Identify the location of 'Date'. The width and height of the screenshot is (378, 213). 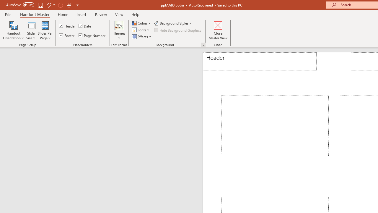
(85, 25).